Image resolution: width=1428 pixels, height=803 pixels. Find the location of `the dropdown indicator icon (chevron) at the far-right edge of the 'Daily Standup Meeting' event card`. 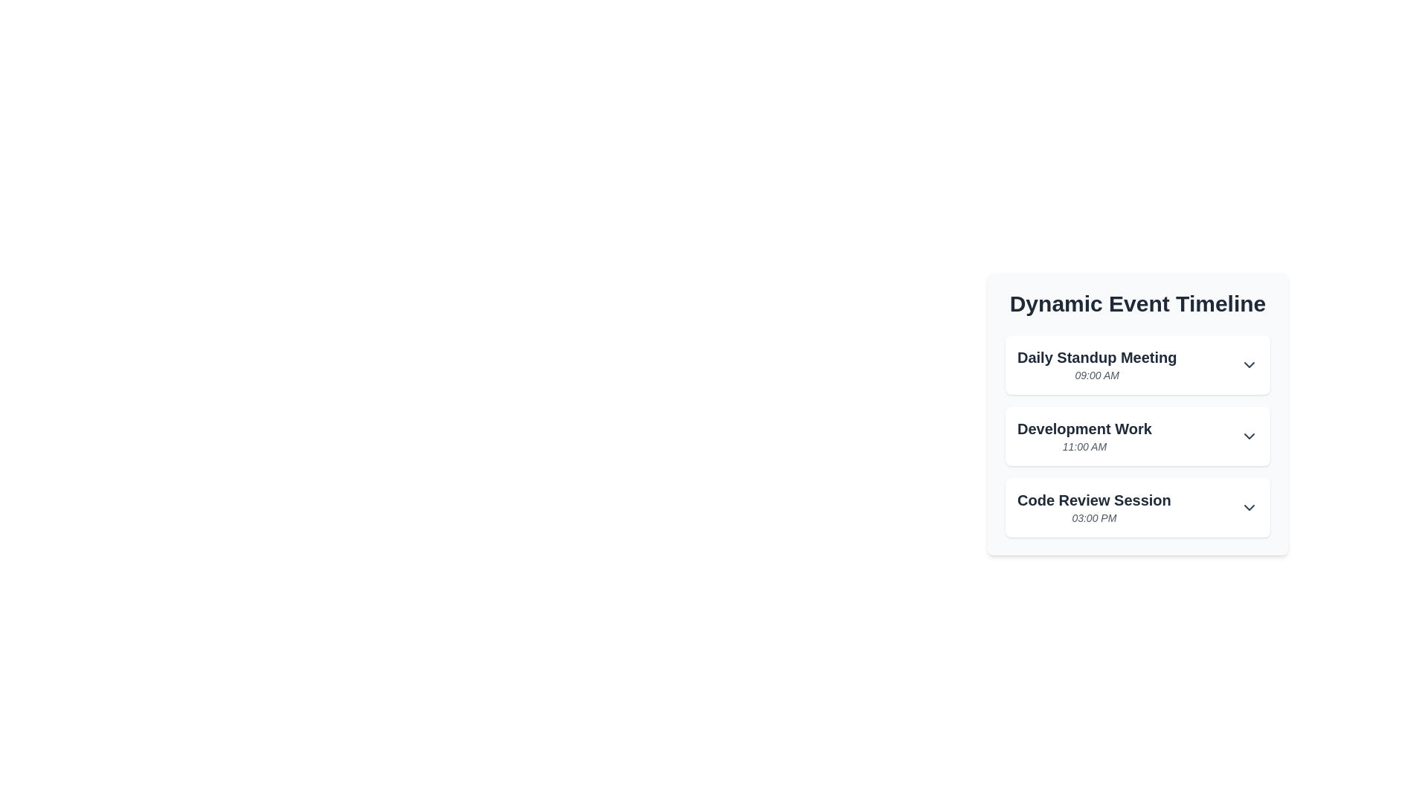

the dropdown indicator icon (chevron) at the far-right edge of the 'Daily Standup Meeting' event card is located at coordinates (1249, 364).